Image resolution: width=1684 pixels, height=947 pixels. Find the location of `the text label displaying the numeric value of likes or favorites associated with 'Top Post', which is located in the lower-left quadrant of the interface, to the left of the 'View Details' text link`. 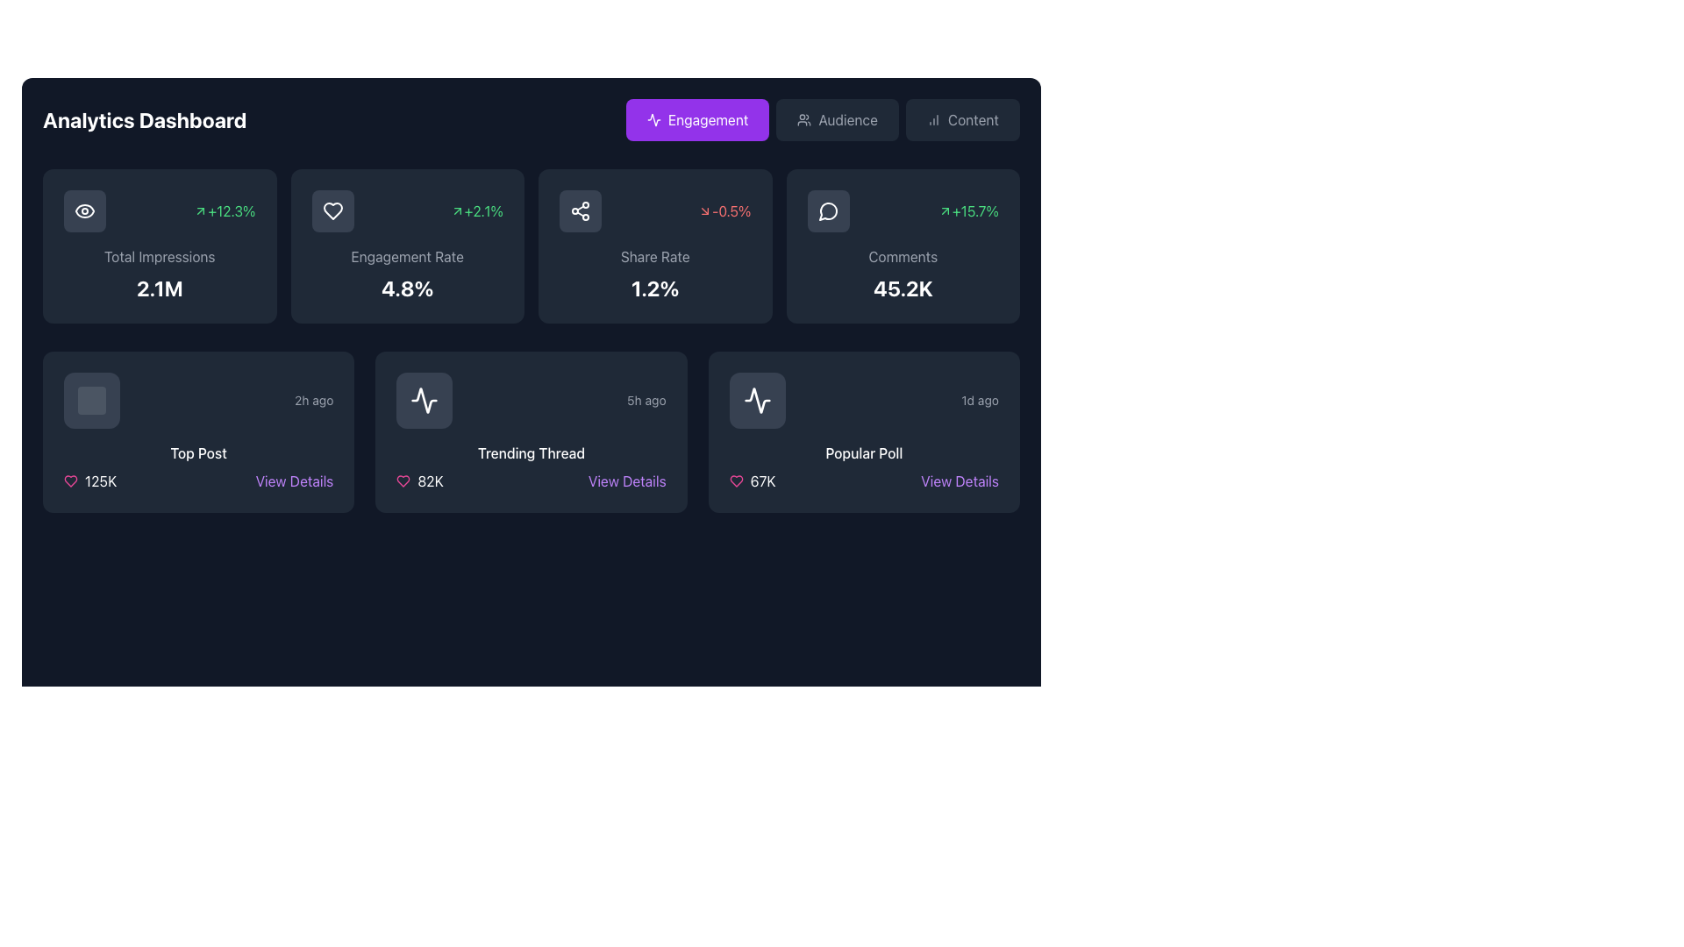

the text label displaying the numeric value of likes or favorites associated with 'Top Post', which is located in the lower-left quadrant of the interface, to the left of the 'View Details' text link is located at coordinates (89, 481).